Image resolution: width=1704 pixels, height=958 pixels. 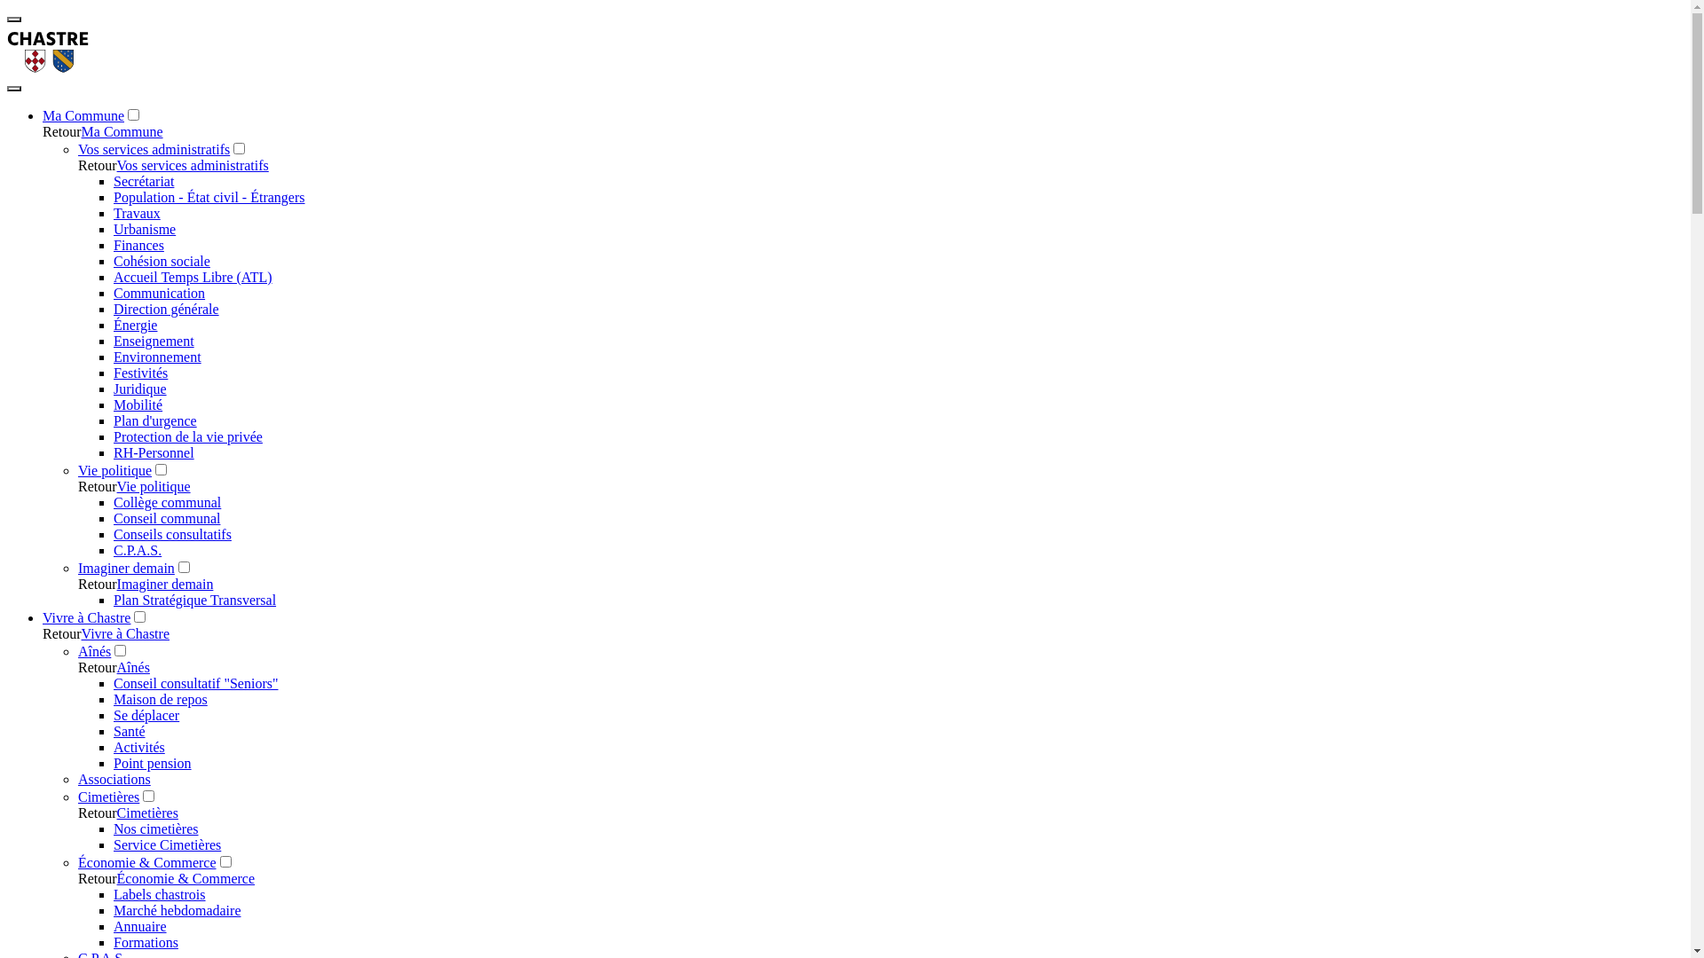 What do you see at coordinates (161, 698) in the screenshot?
I see `'Maison de repos'` at bounding box center [161, 698].